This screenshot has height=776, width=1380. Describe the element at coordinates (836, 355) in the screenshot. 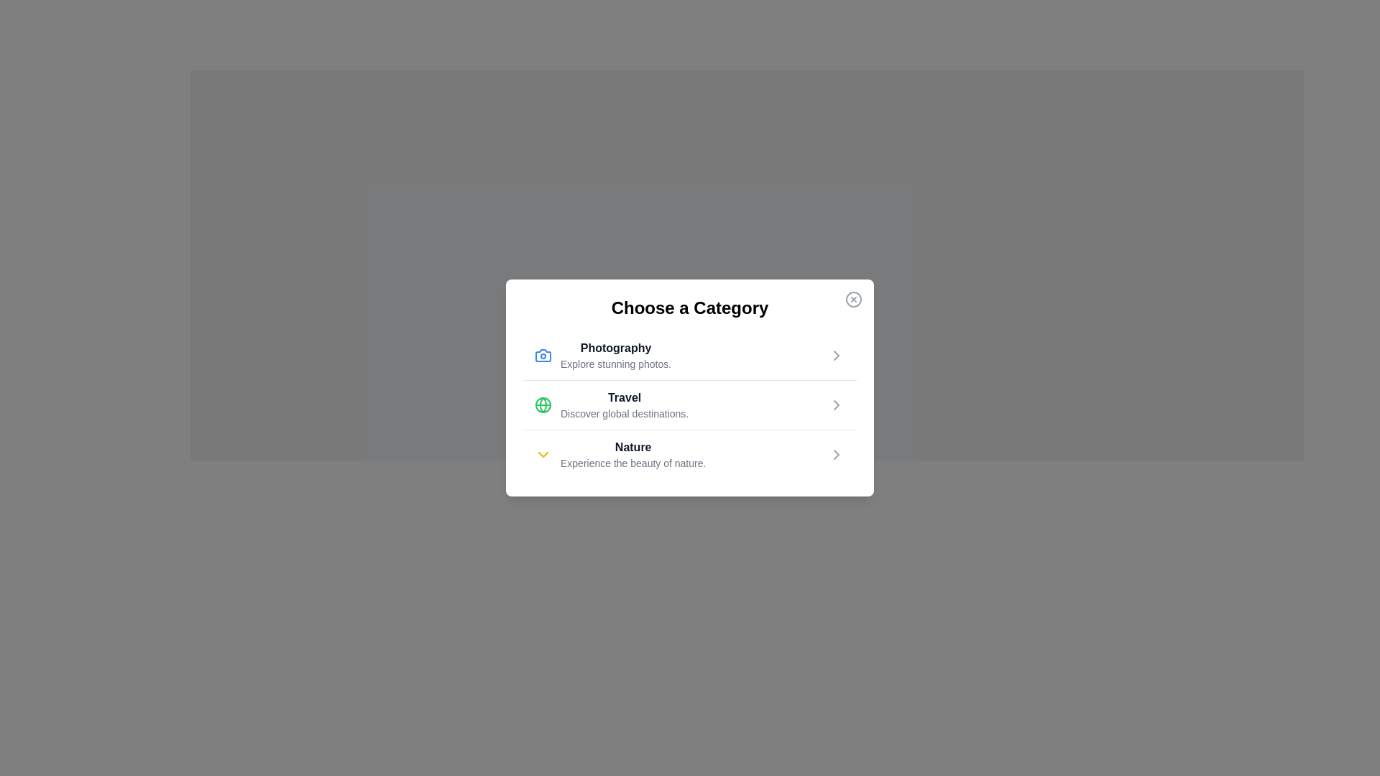

I see `the right-facing chevron icon styled with a thin stroke and gray color, located within the first item of the list labeled 'Photography Explore stunning photos.'` at that location.